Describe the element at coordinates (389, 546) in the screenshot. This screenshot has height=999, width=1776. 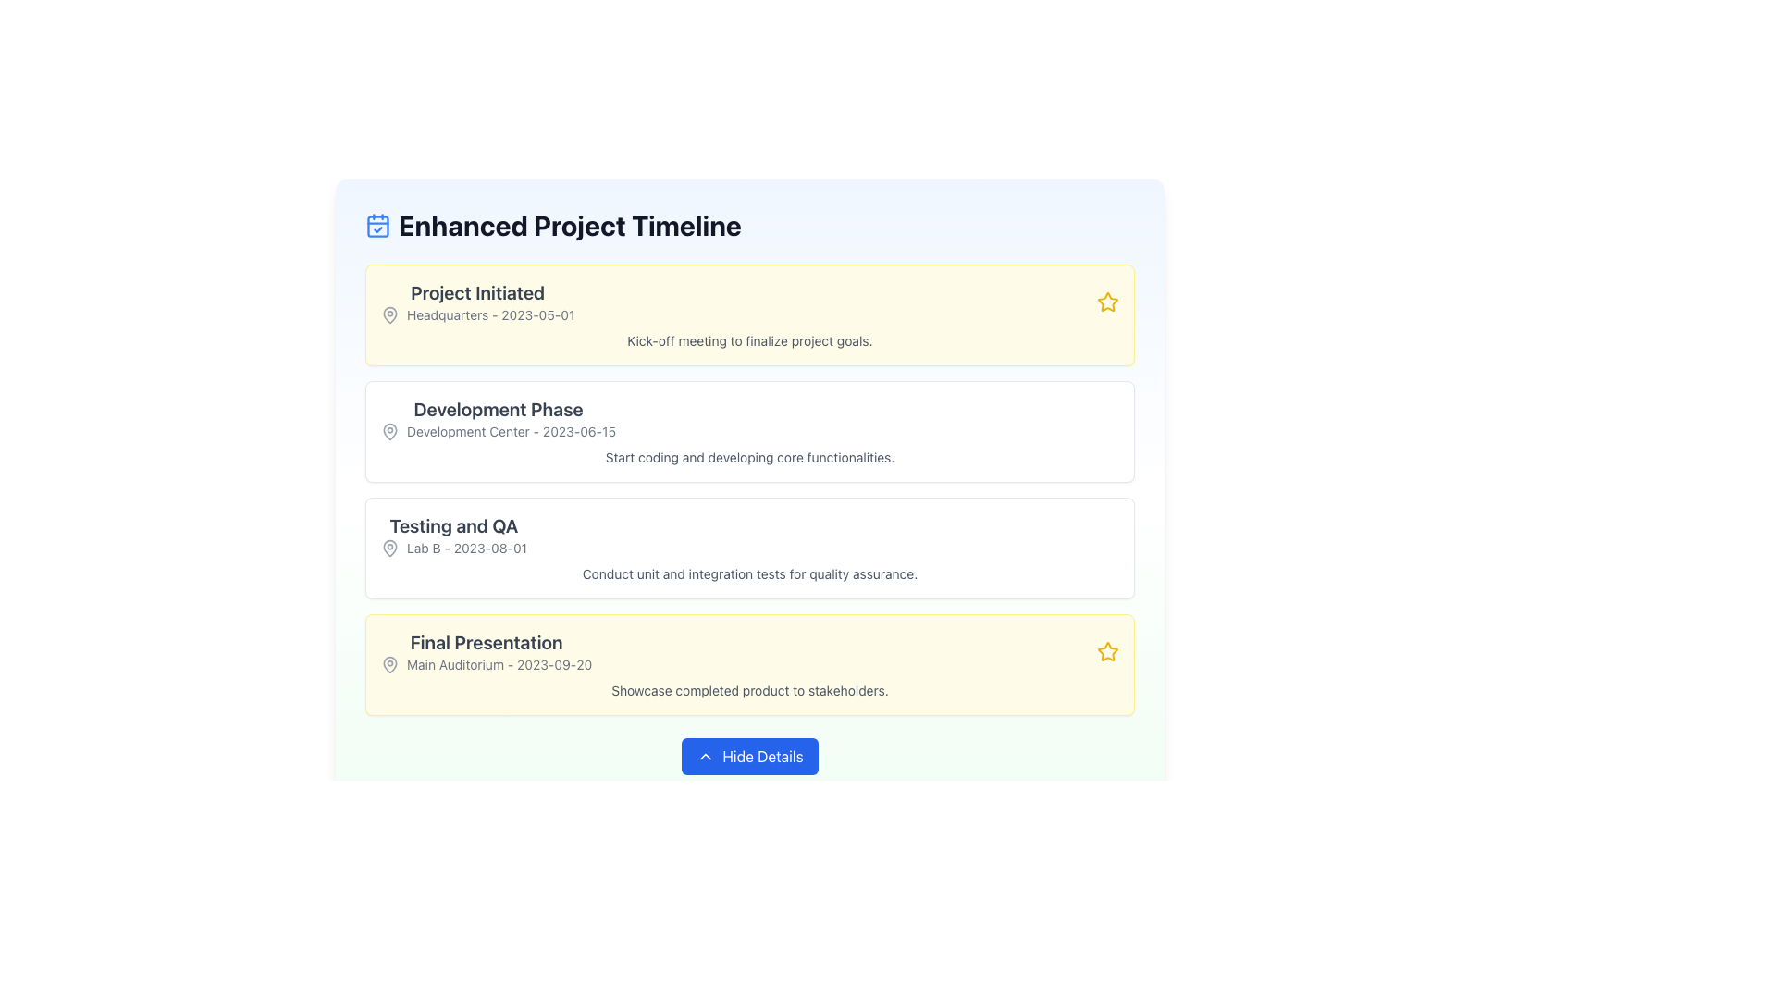
I see `the Location marker icon` at that location.